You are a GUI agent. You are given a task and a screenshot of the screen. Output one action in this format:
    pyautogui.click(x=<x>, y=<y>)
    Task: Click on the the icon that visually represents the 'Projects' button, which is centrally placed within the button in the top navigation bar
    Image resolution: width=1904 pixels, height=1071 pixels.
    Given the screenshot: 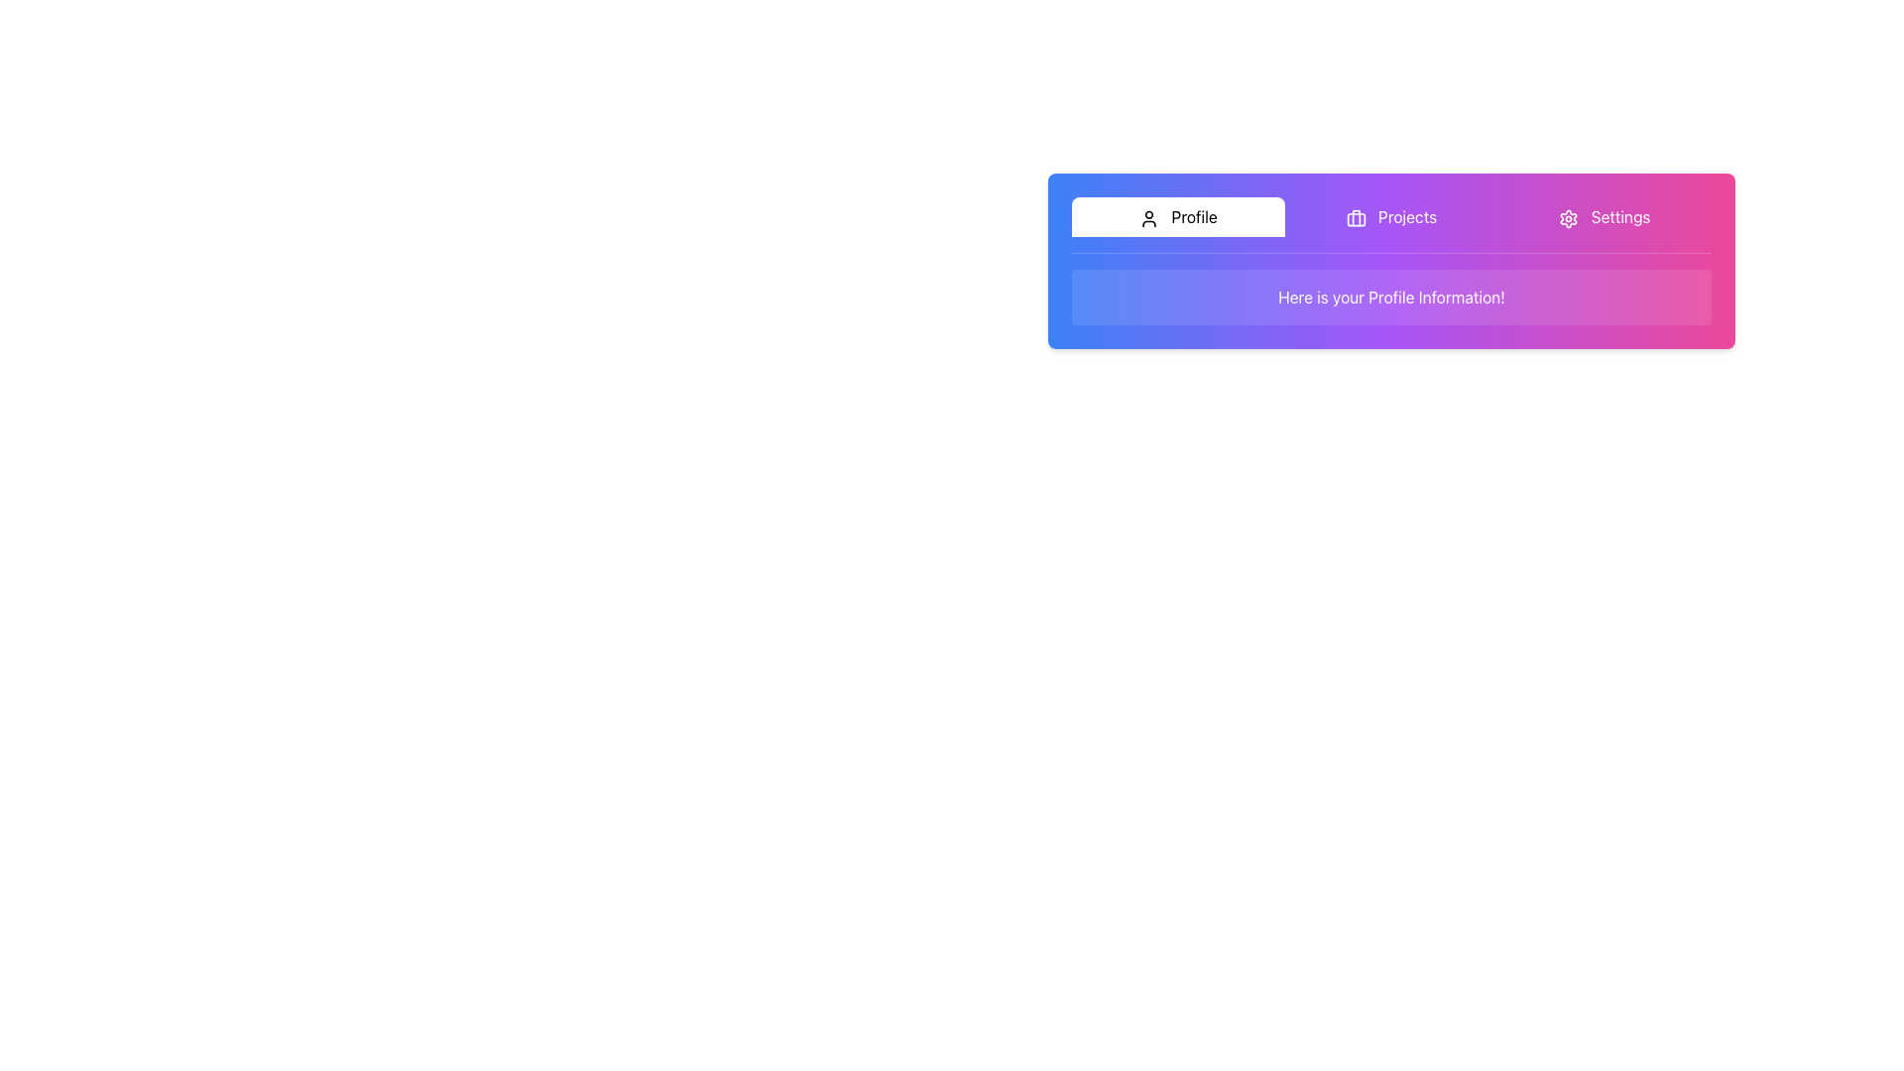 What is the action you would take?
    pyautogui.click(x=1355, y=218)
    